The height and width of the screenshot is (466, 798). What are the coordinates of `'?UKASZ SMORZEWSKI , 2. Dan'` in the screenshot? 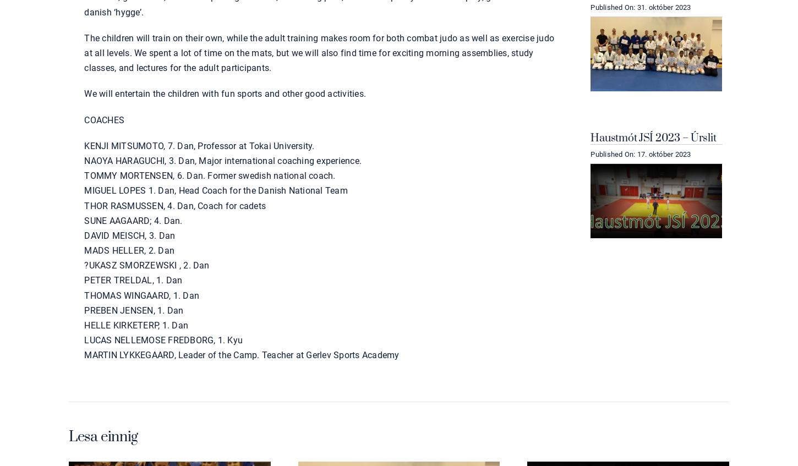 It's located at (146, 265).